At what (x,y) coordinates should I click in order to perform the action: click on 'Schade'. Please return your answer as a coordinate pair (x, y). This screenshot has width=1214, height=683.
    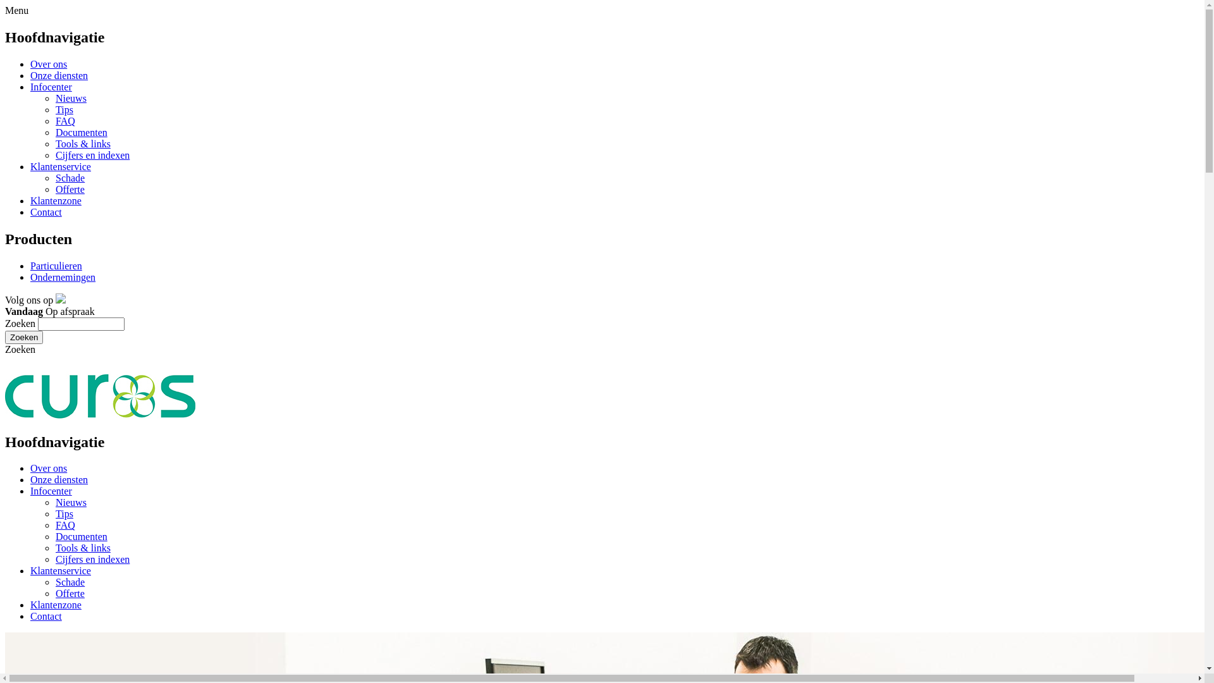
    Looking at the image, I should click on (69, 178).